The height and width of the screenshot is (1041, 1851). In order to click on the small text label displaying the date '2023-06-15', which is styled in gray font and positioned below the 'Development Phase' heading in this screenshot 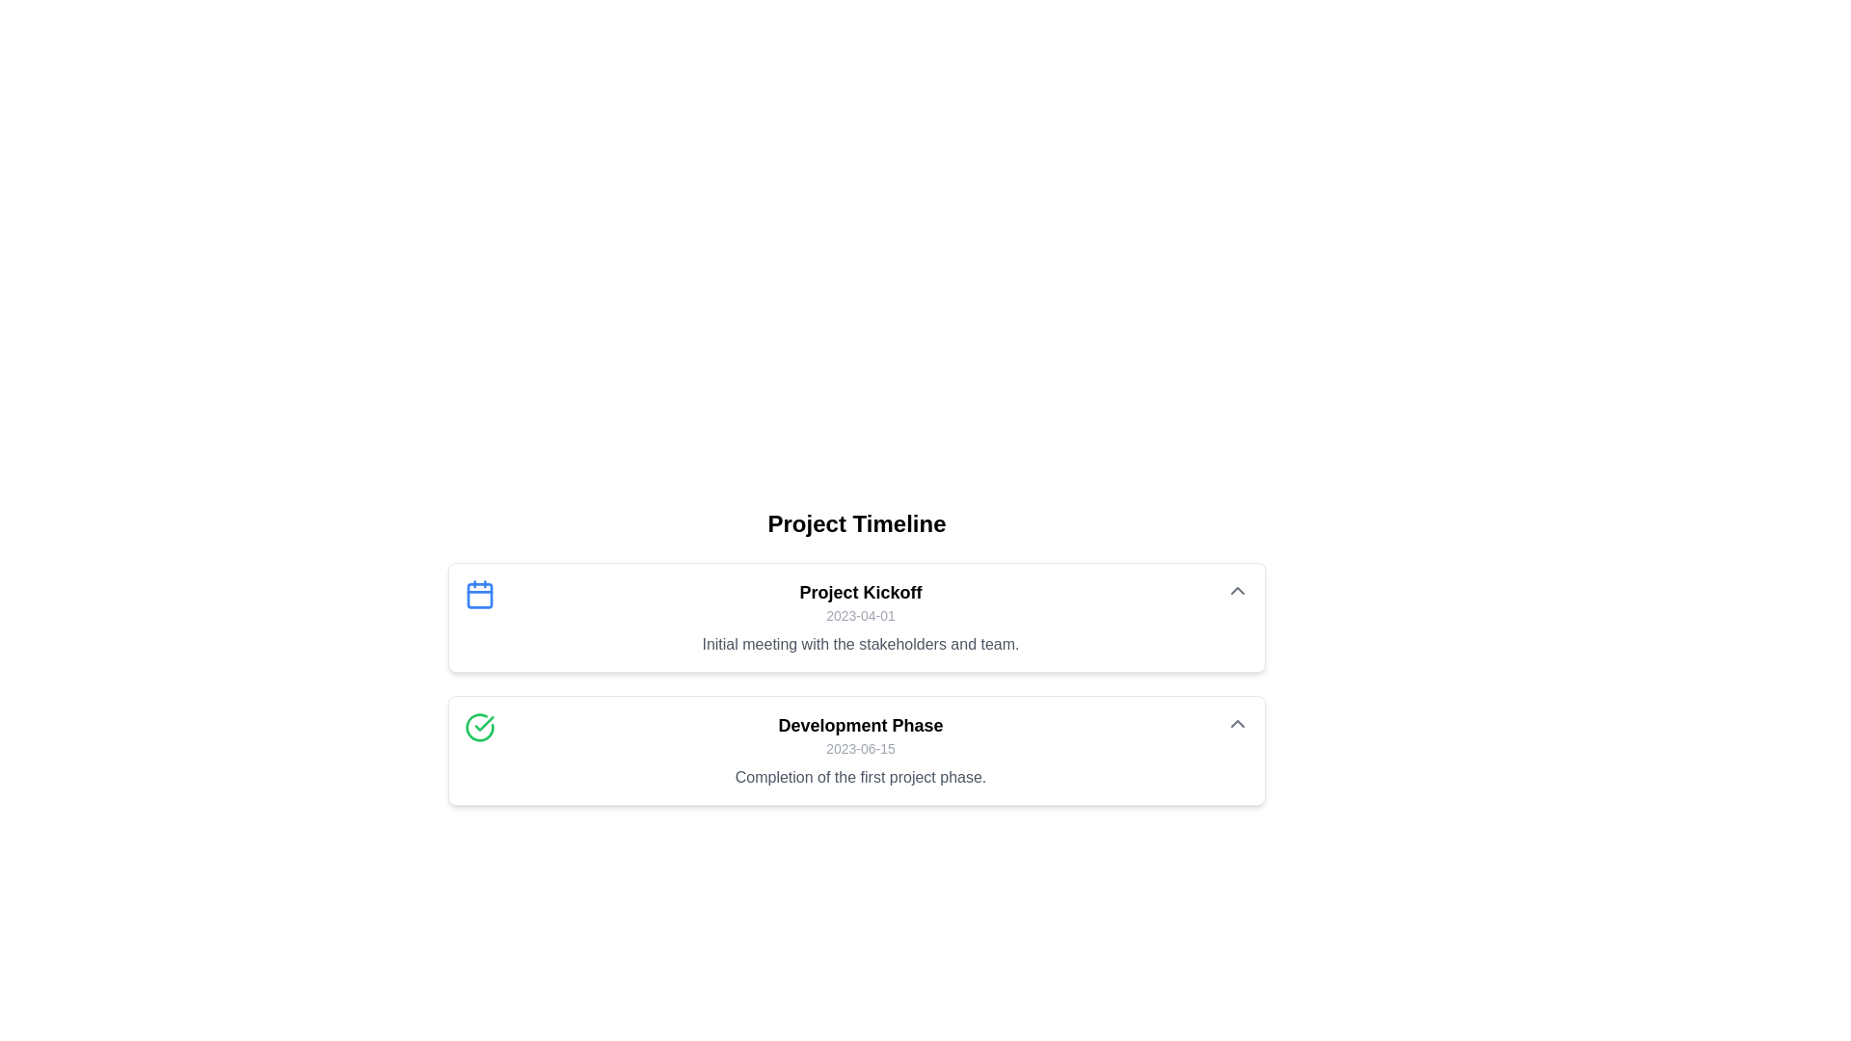, I will do `click(859, 747)`.